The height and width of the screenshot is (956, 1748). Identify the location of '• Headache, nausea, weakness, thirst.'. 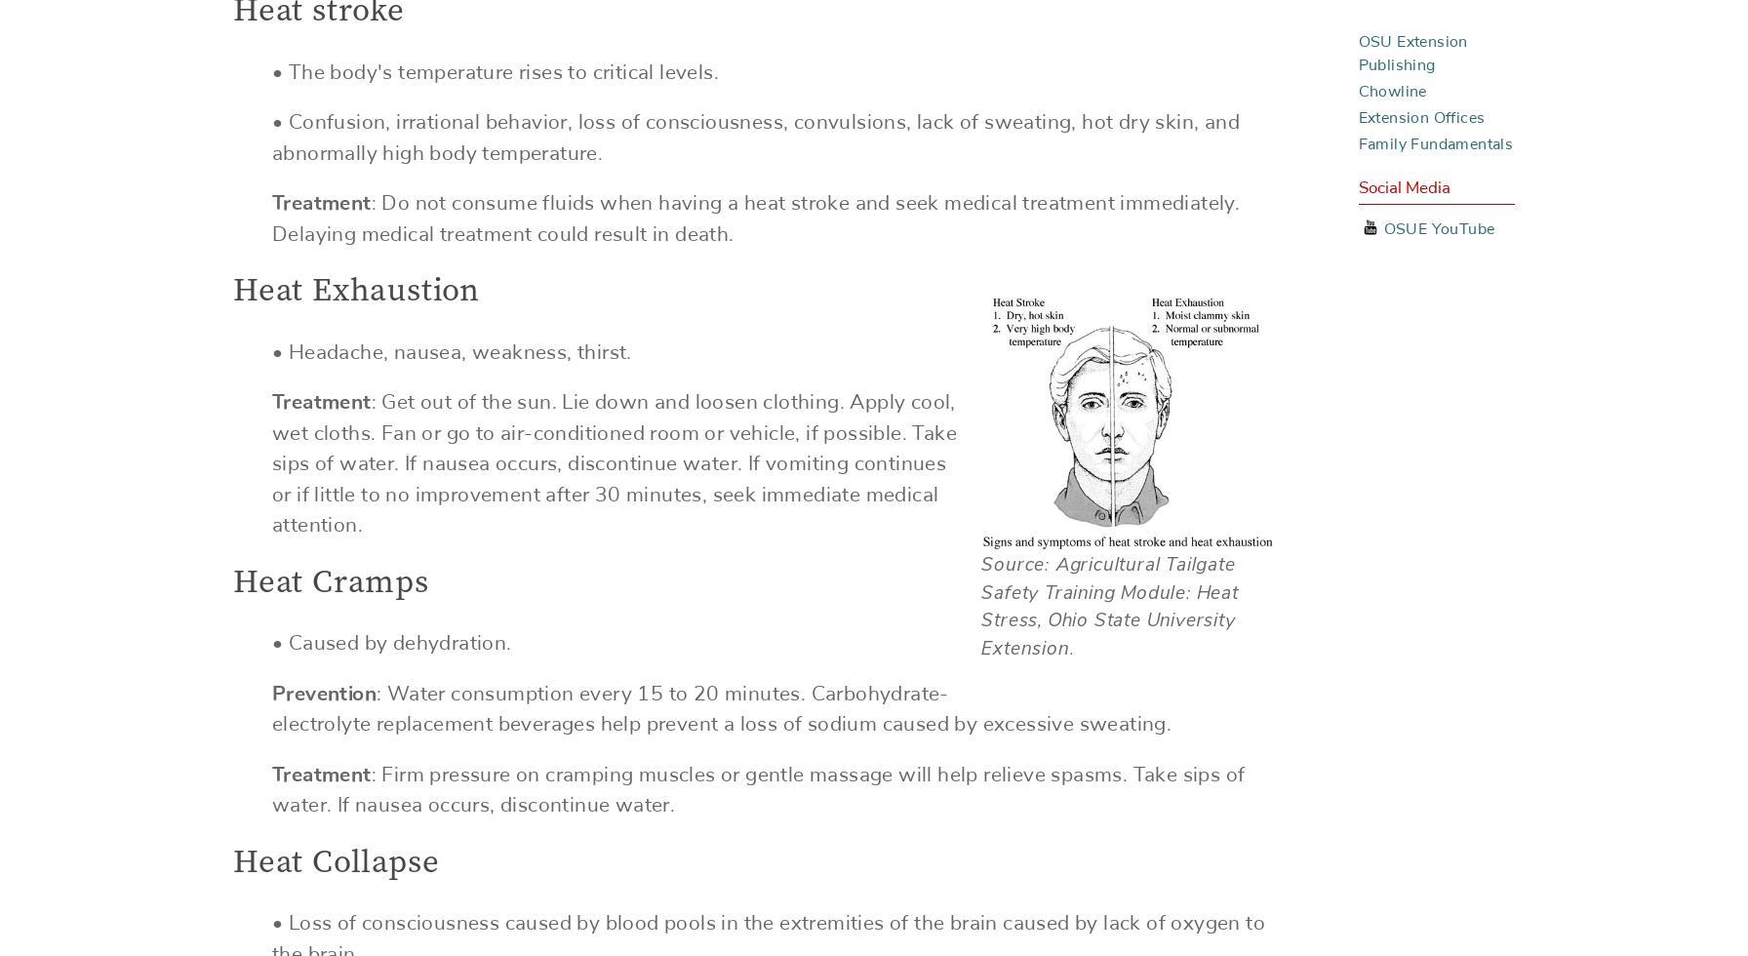
(452, 351).